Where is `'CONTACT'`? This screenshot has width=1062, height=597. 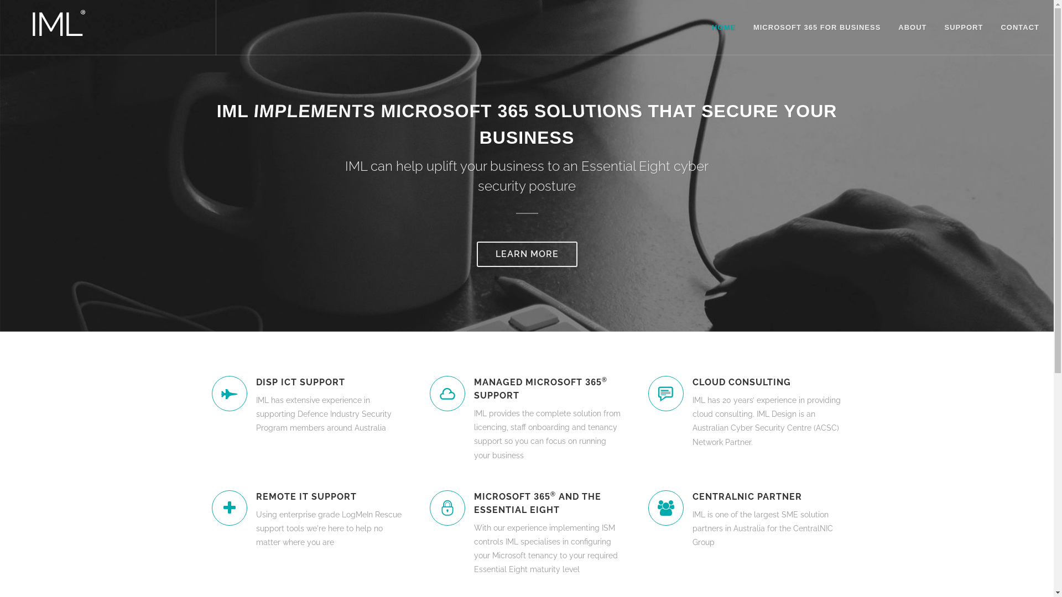 'CONTACT' is located at coordinates (1019, 27).